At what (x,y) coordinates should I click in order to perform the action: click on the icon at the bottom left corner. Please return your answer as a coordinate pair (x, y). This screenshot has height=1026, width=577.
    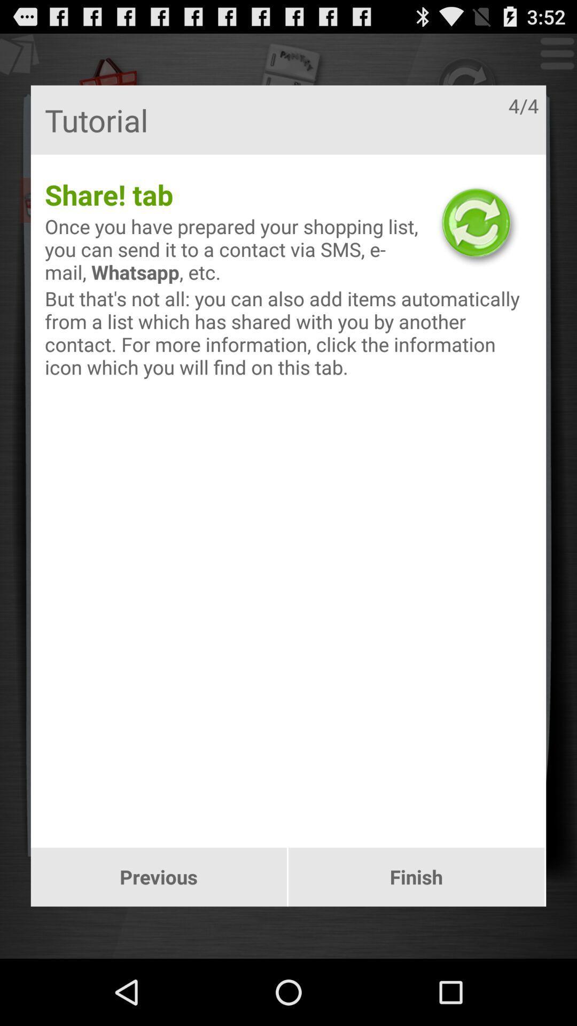
    Looking at the image, I should click on (159, 877).